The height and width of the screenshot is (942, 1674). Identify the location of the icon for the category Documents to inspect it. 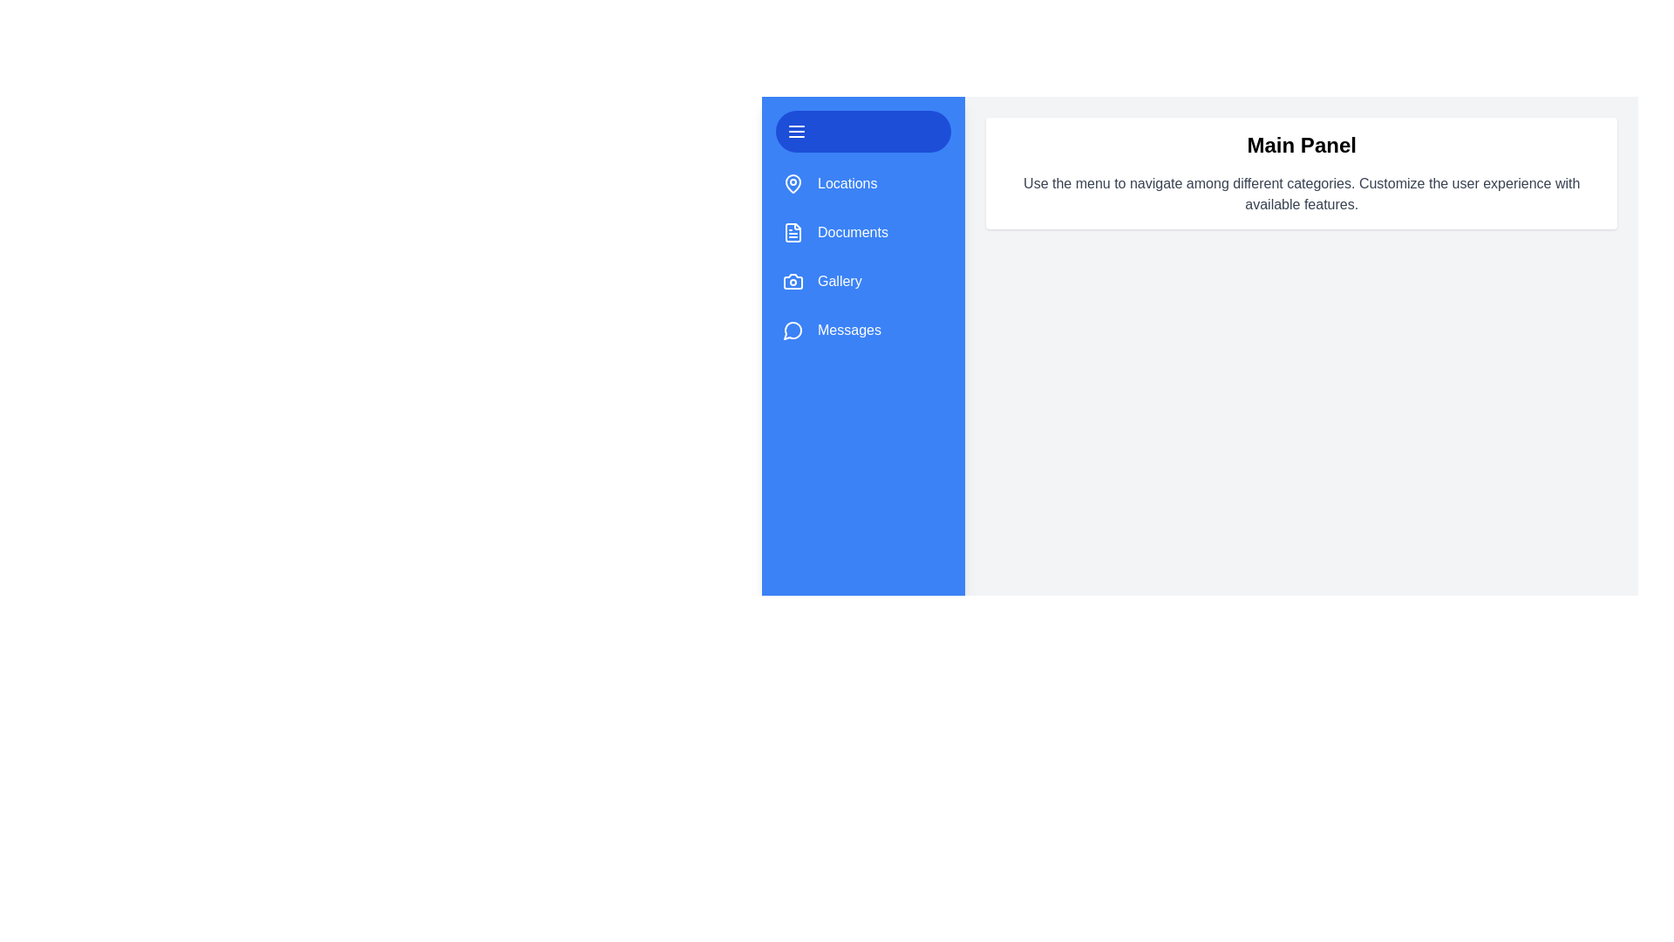
(793, 231).